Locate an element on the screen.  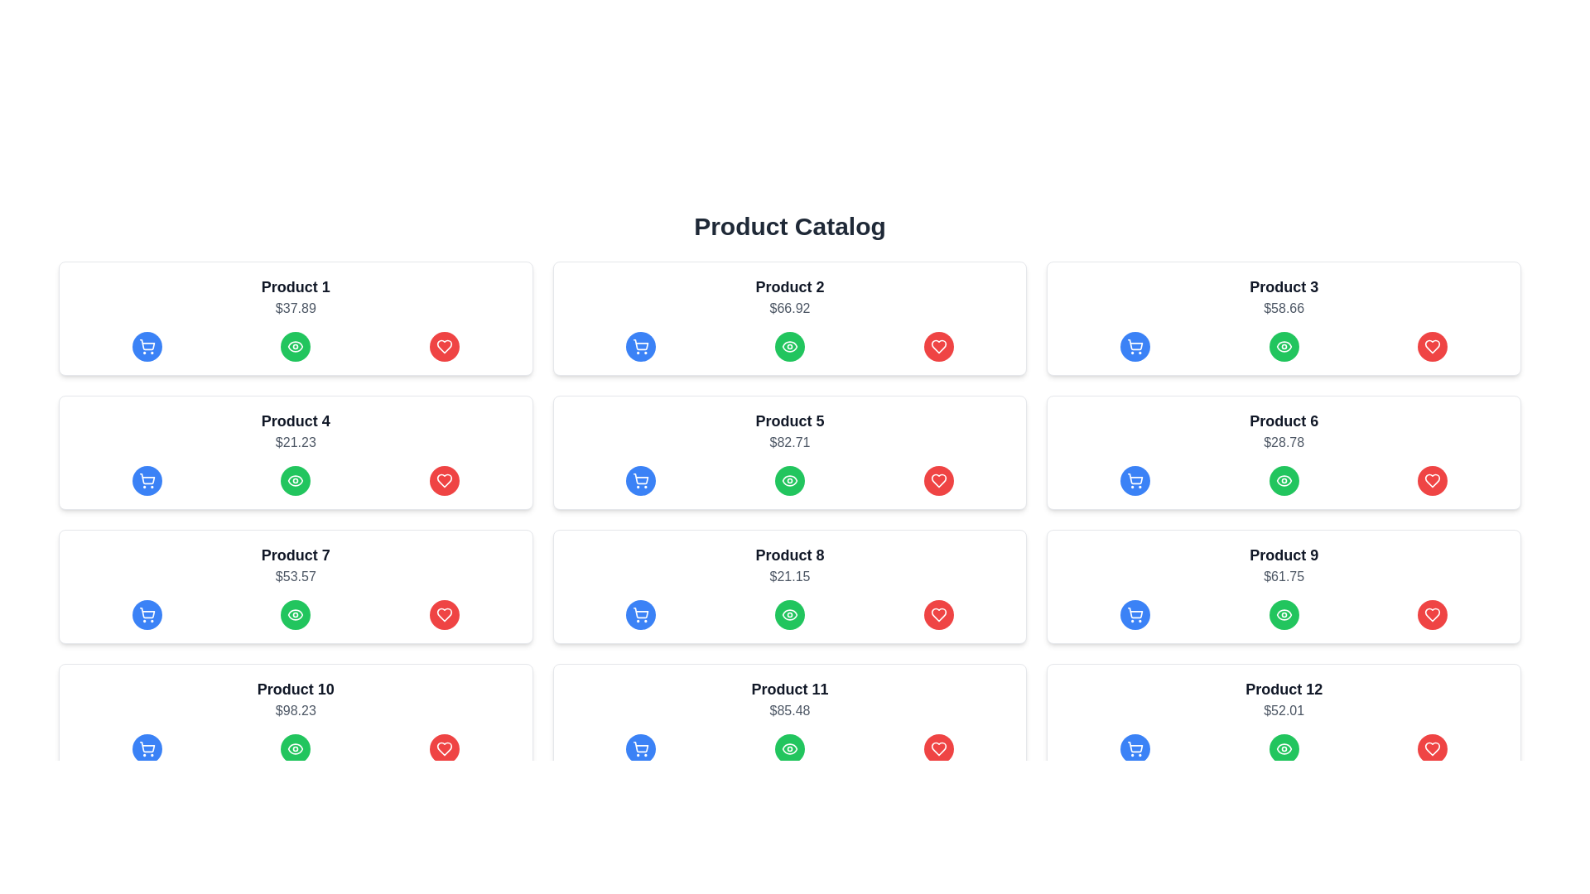
the static text element displaying the price '$98.23' located beneath the title 'Product 10' is located at coordinates (296, 710).